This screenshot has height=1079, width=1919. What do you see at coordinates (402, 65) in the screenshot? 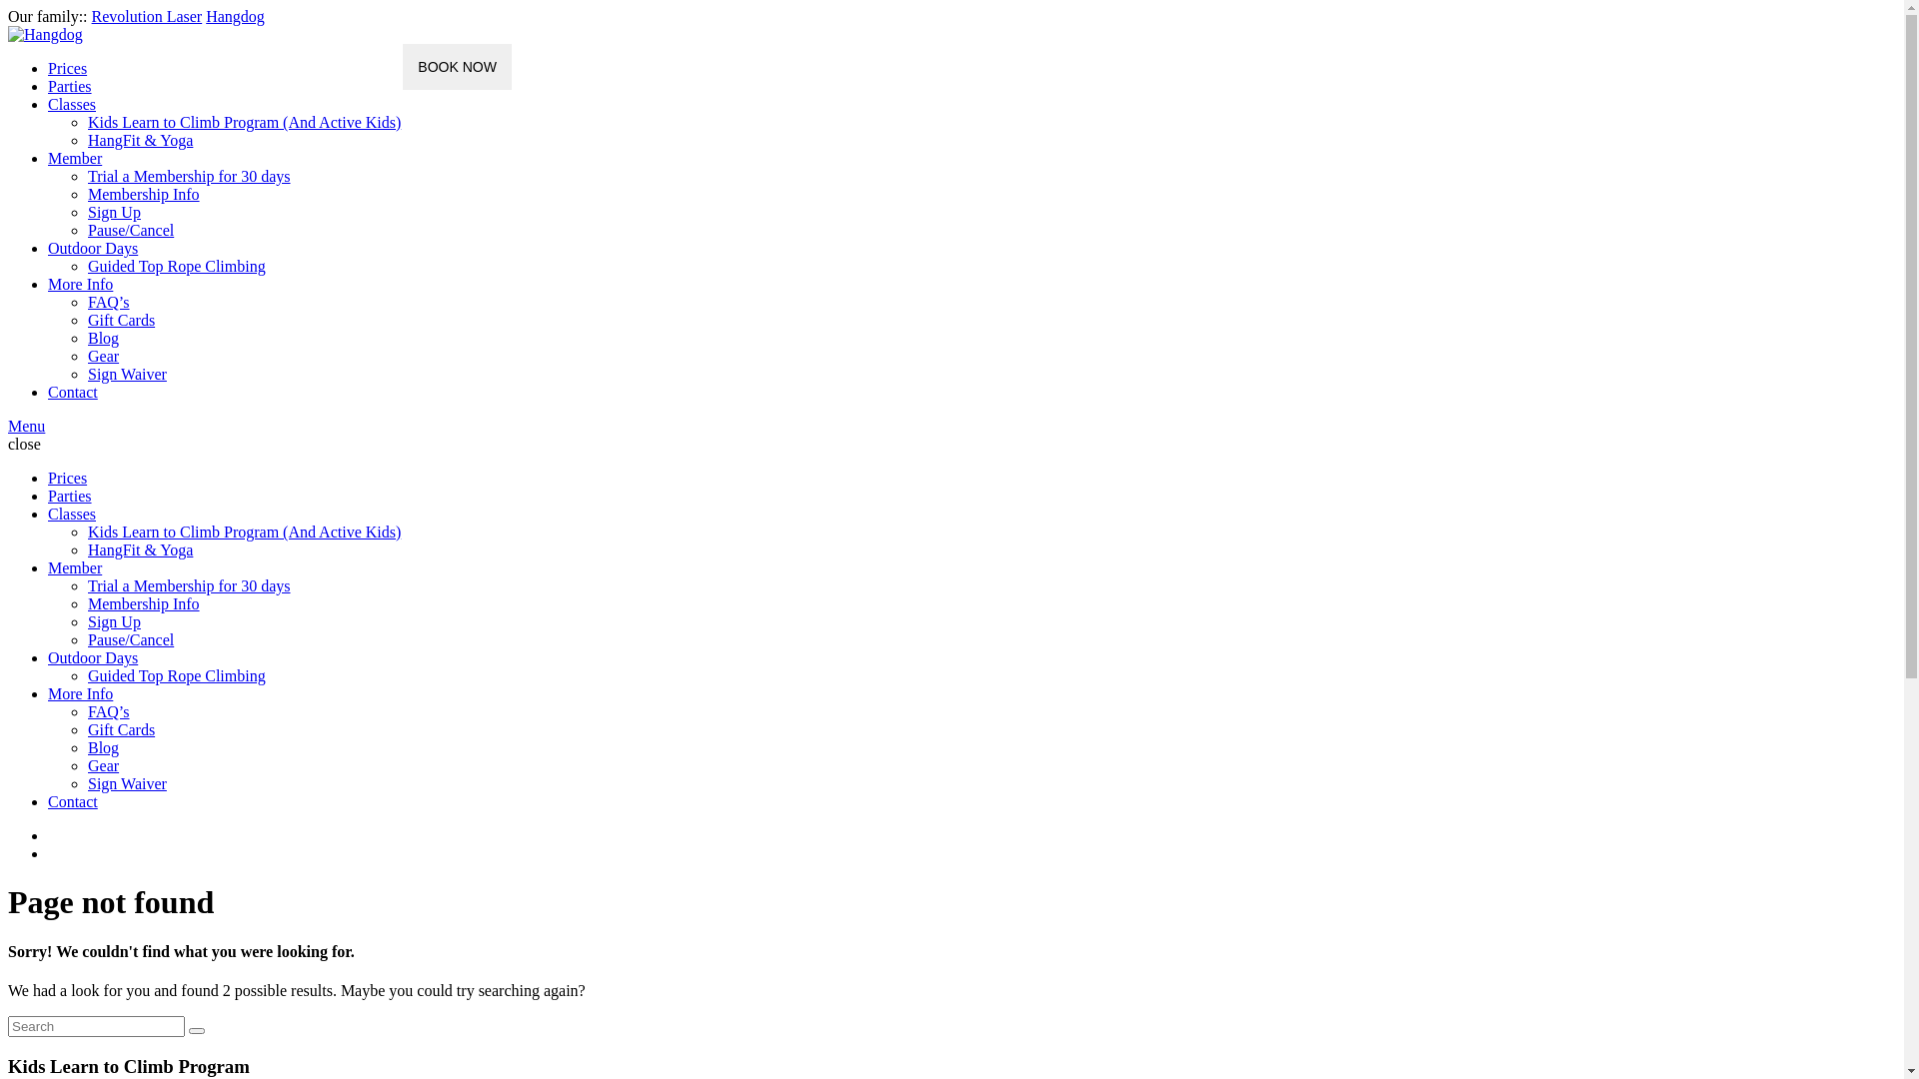
I see `'BOOK NOW'` at bounding box center [402, 65].